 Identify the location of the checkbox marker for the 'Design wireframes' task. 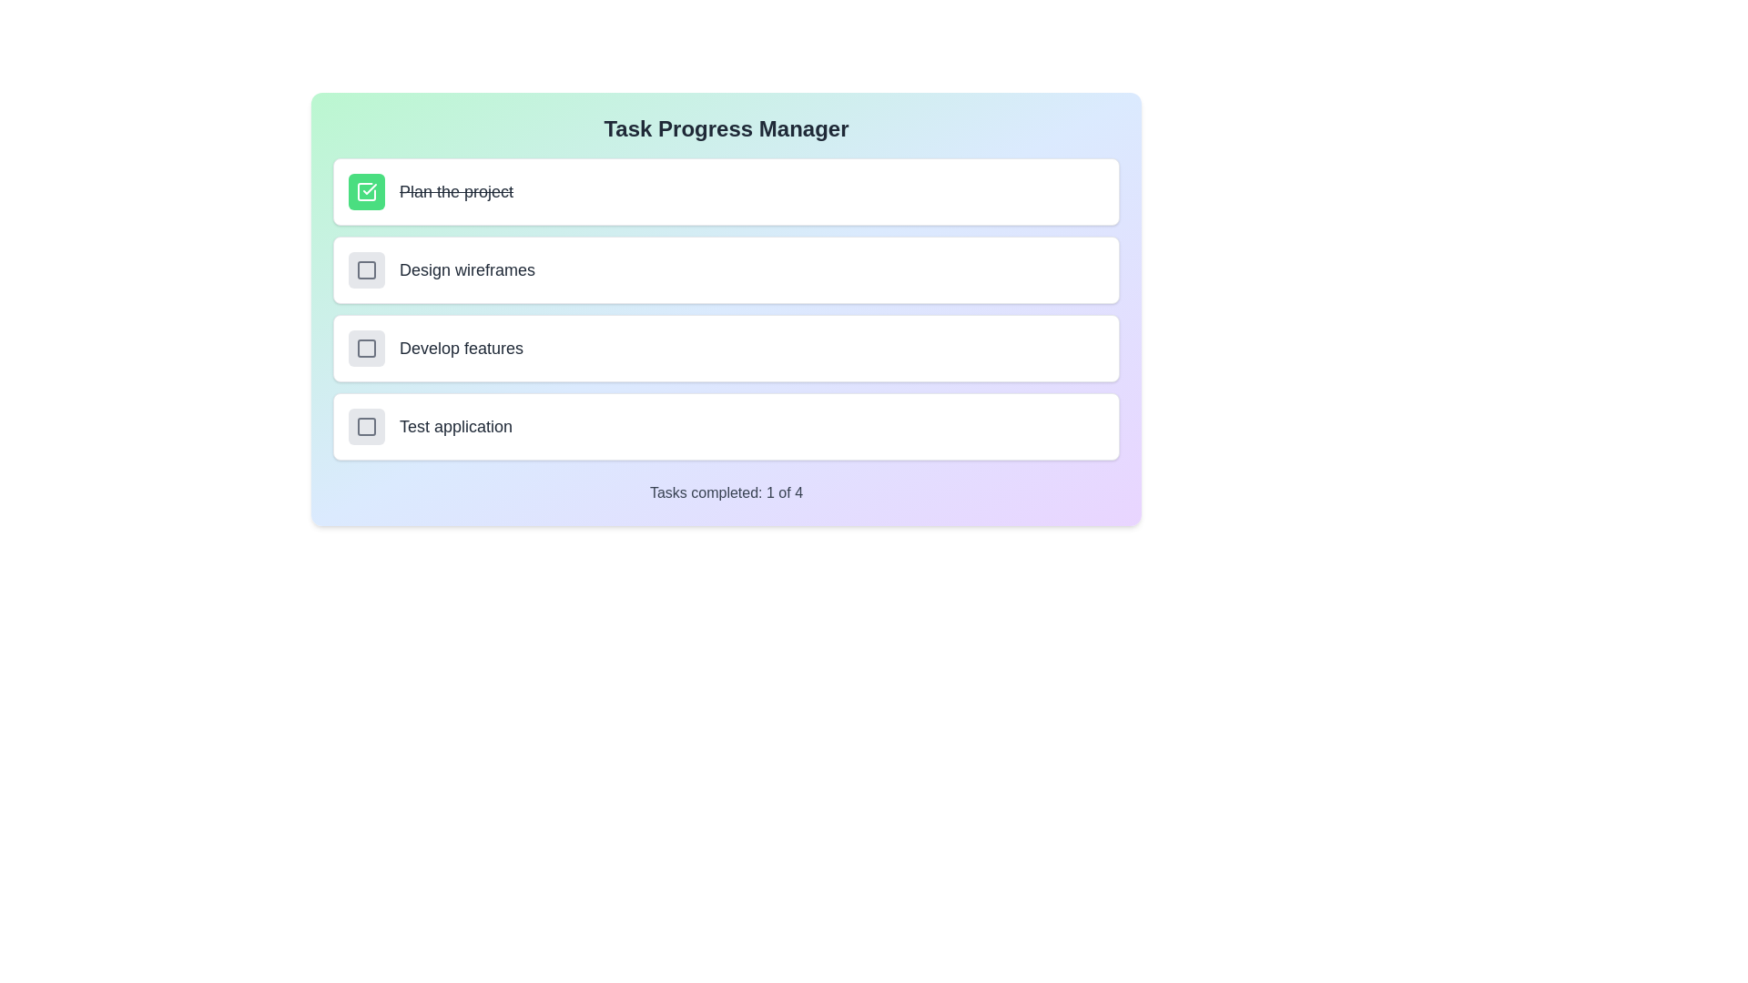
(366, 270).